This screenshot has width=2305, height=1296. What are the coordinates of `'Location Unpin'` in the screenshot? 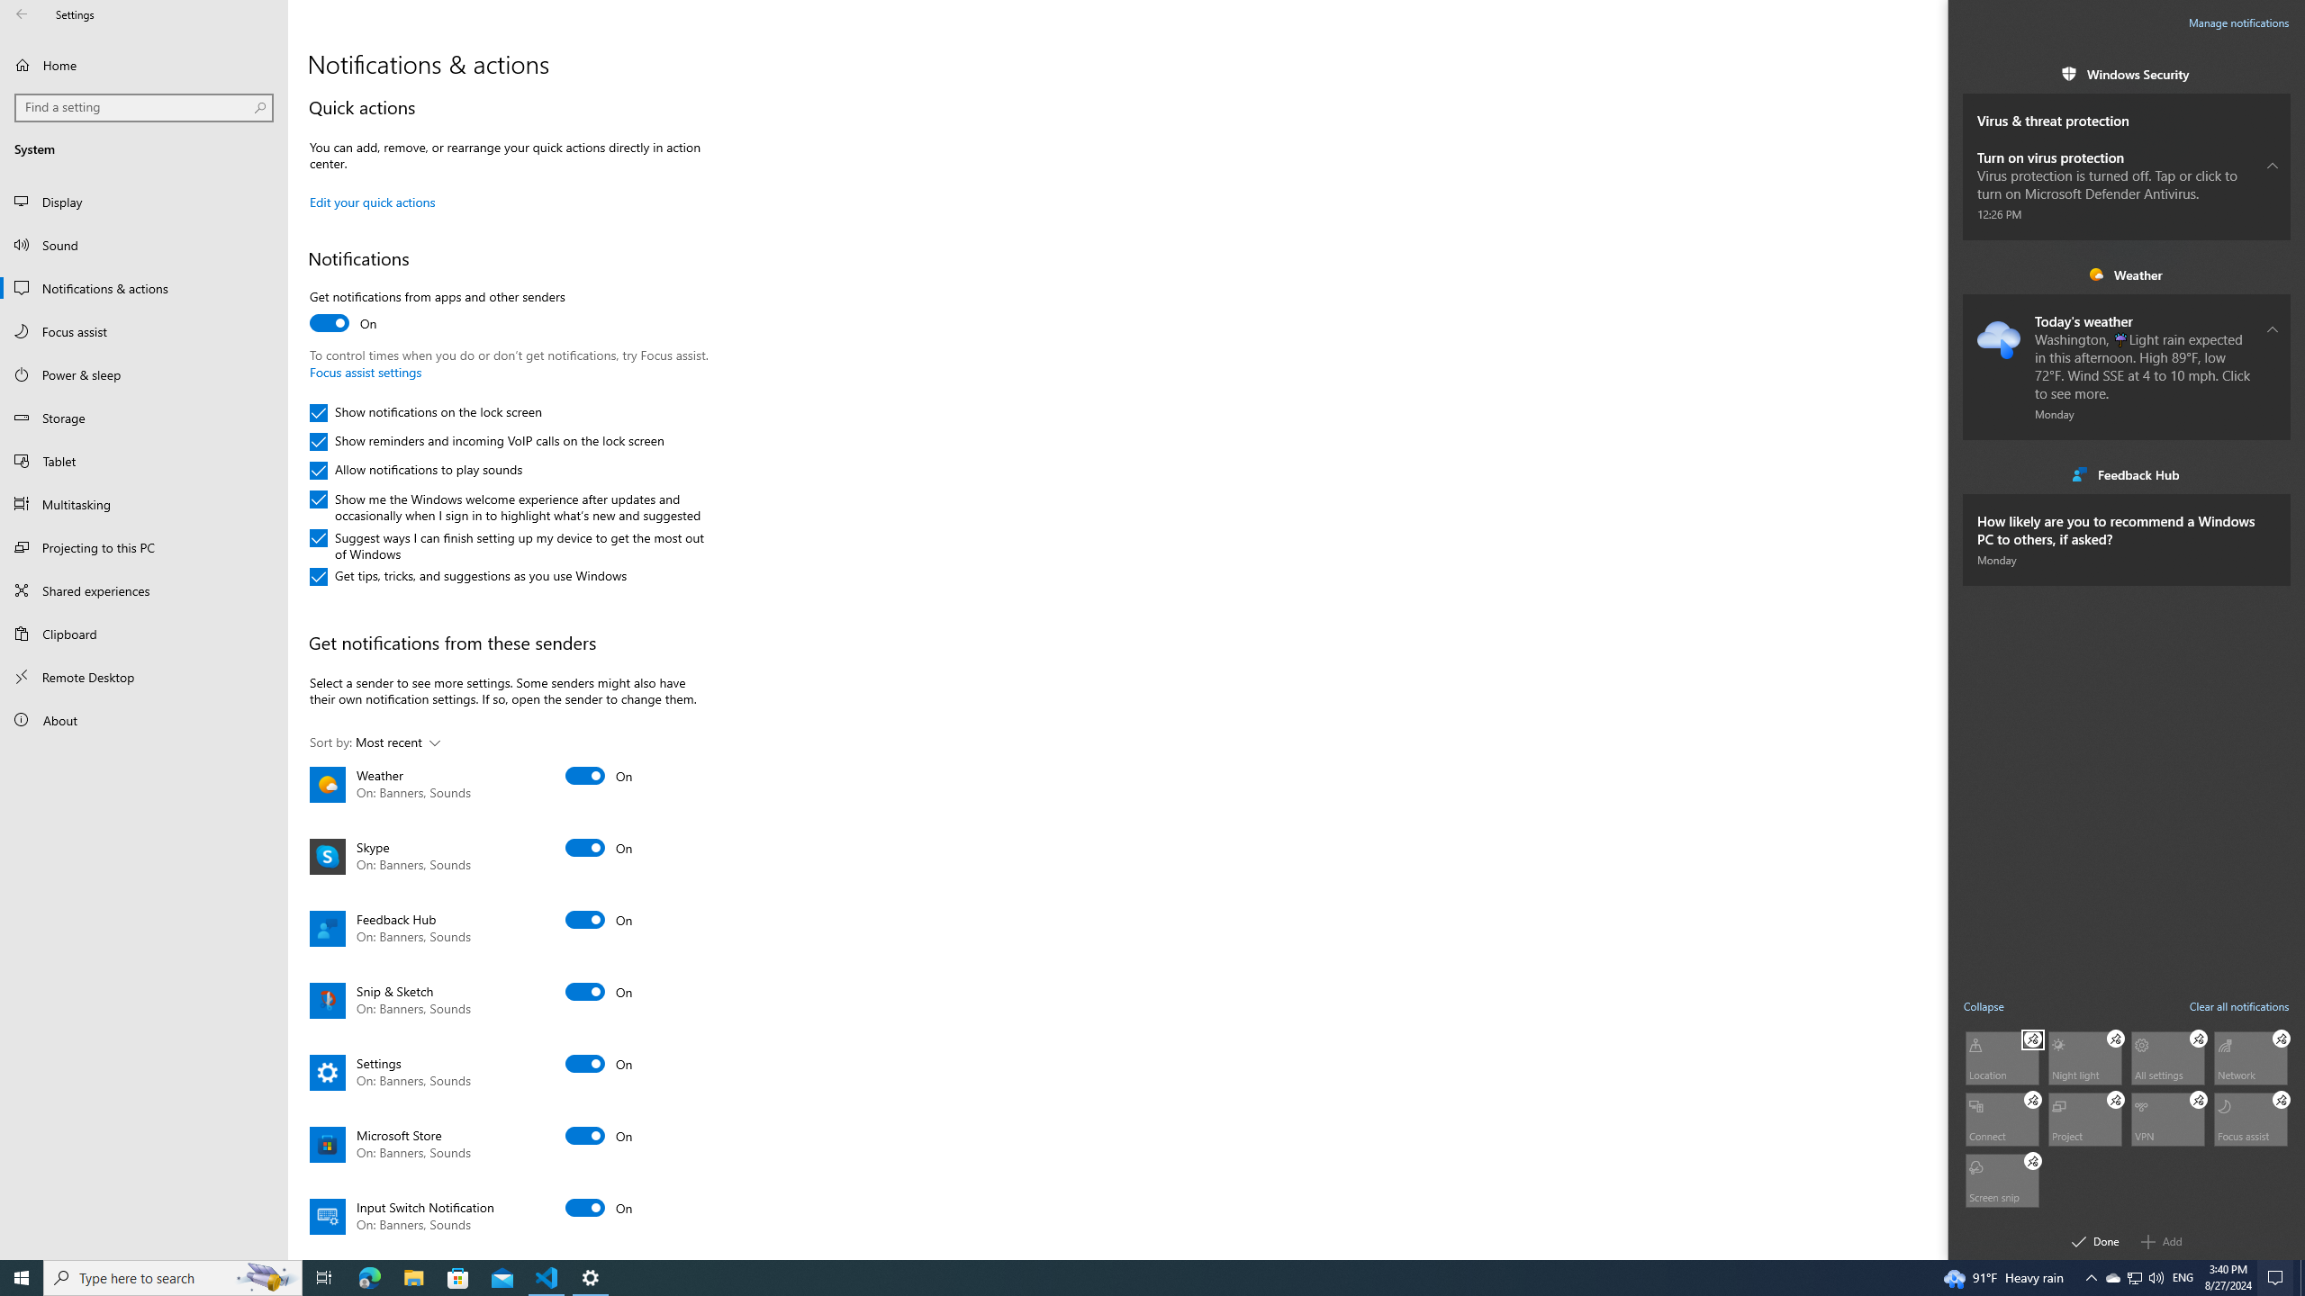 It's located at (2032, 1037).